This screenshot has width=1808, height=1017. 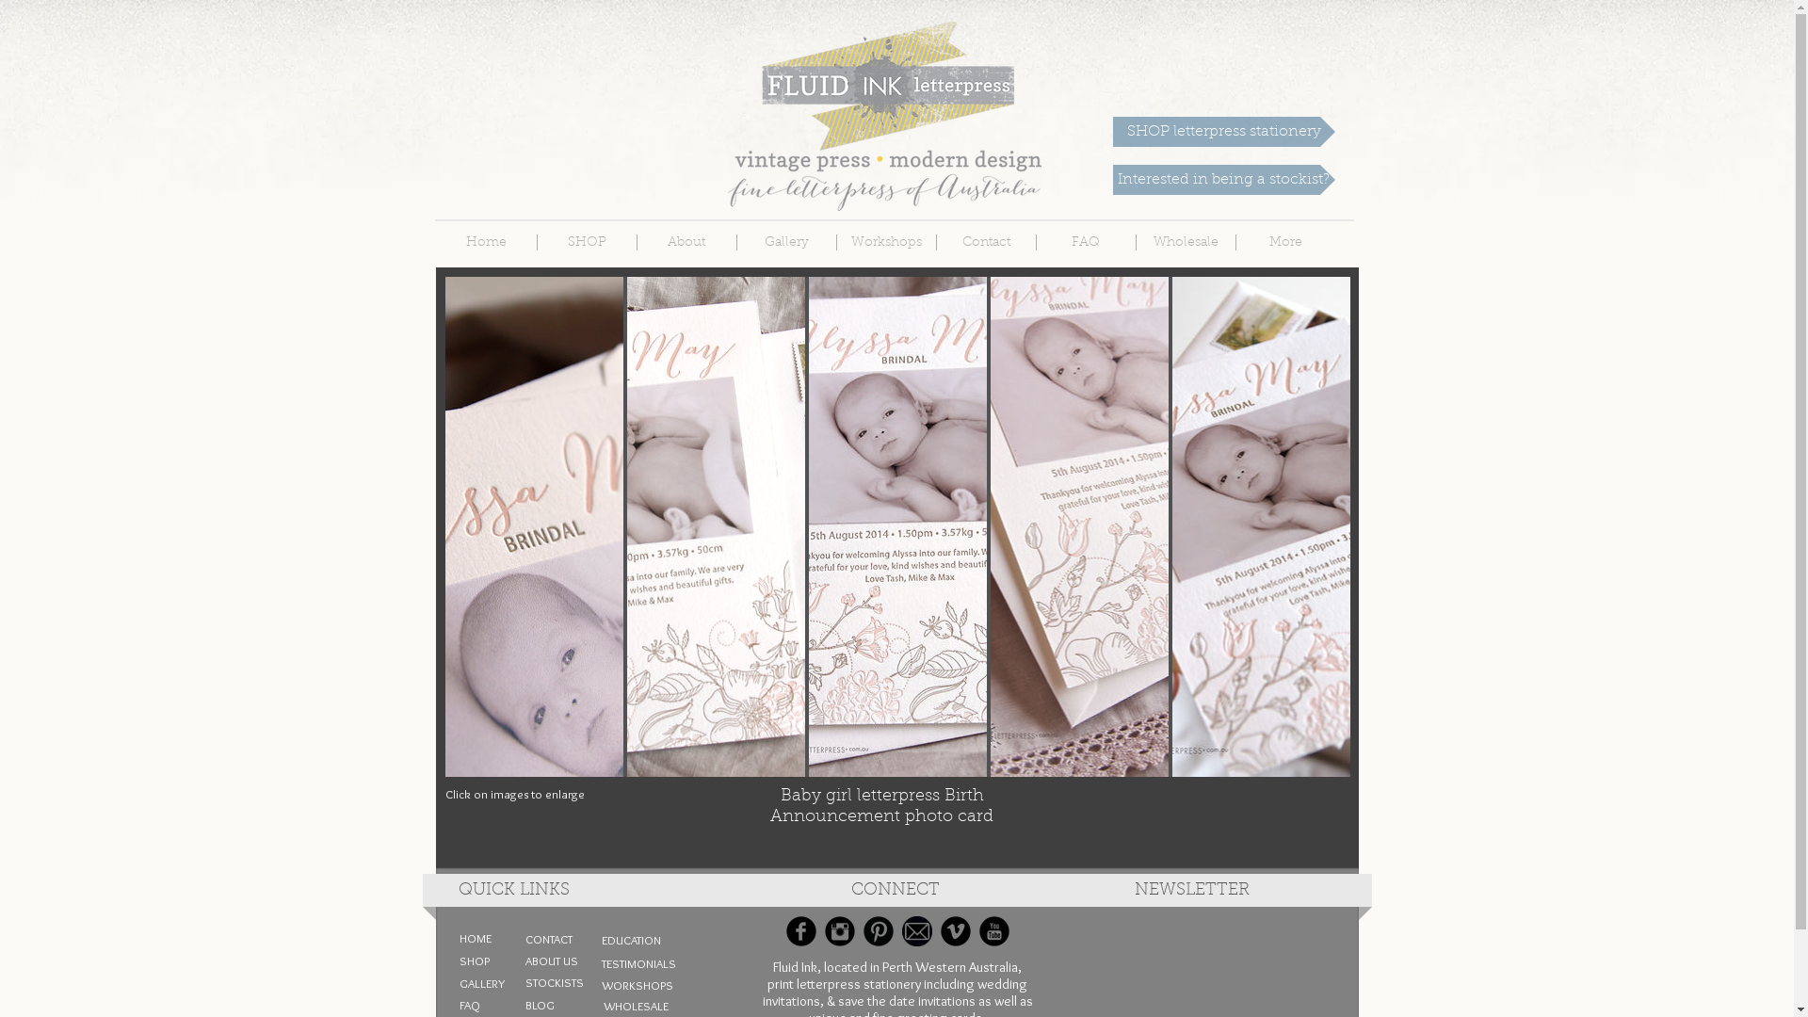 I want to click on 'About', so click(x=685, y=241).